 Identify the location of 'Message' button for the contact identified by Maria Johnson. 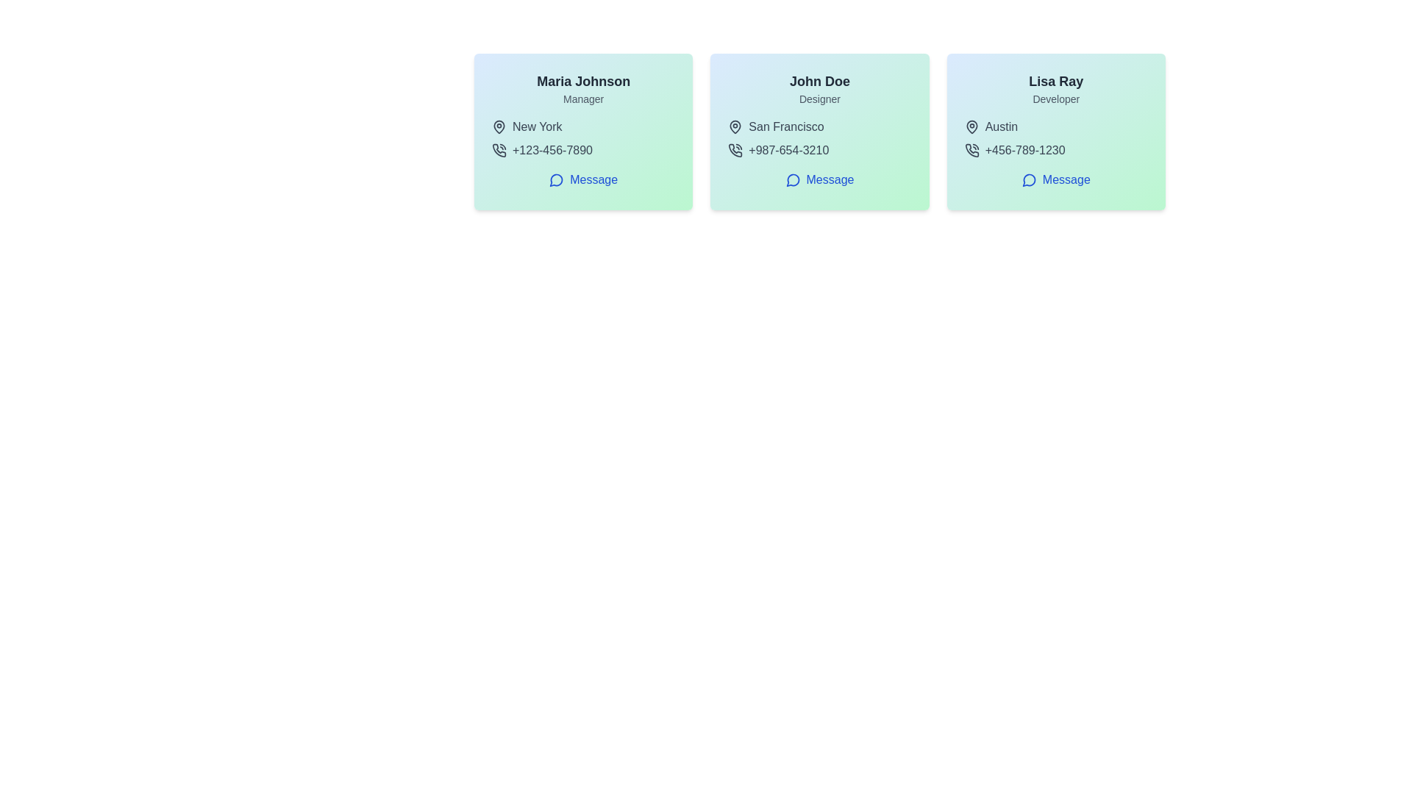
(582, 179).